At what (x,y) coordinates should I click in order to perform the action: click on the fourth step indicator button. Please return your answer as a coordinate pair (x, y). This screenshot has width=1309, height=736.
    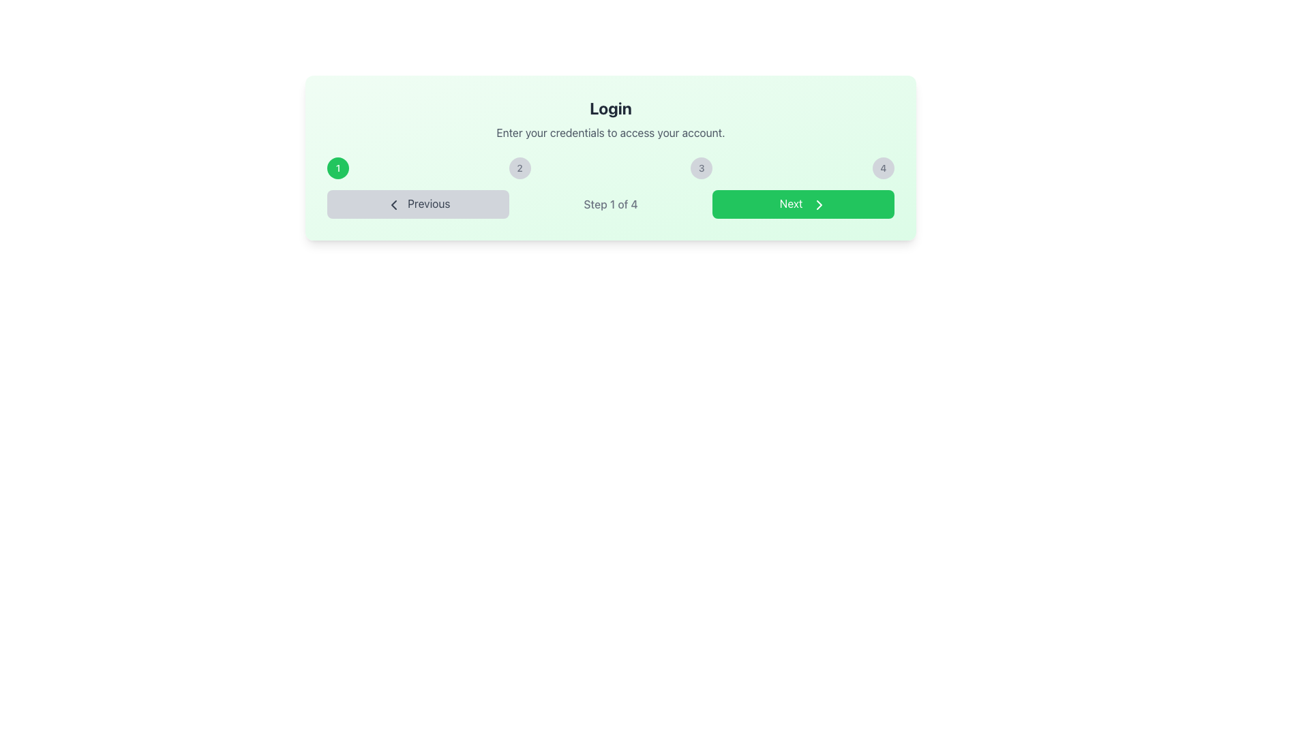
    Looking at the image, I should click on (884, 167).